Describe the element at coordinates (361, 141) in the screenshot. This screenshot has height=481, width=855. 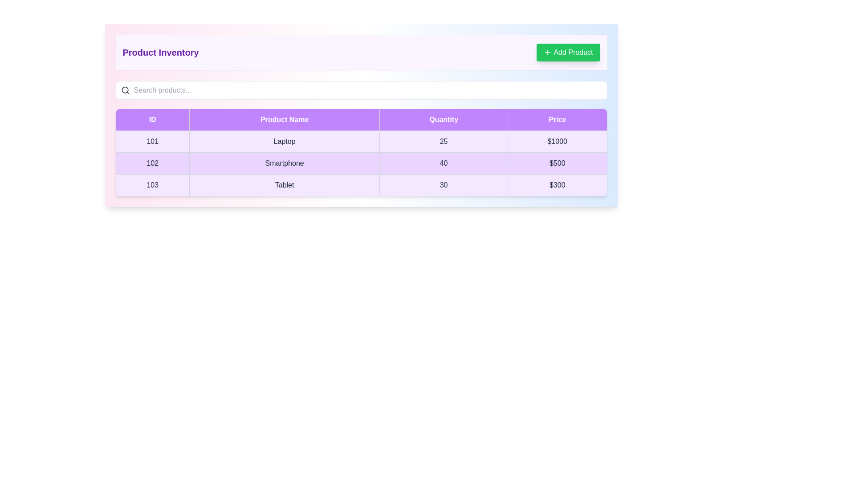
I see `the first row of the product inventory table that displays product details such as ID, name, quantity, and price` at that location.